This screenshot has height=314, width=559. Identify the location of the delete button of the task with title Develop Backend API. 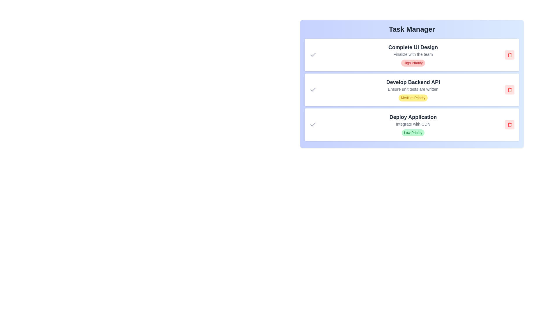
(510, 90).